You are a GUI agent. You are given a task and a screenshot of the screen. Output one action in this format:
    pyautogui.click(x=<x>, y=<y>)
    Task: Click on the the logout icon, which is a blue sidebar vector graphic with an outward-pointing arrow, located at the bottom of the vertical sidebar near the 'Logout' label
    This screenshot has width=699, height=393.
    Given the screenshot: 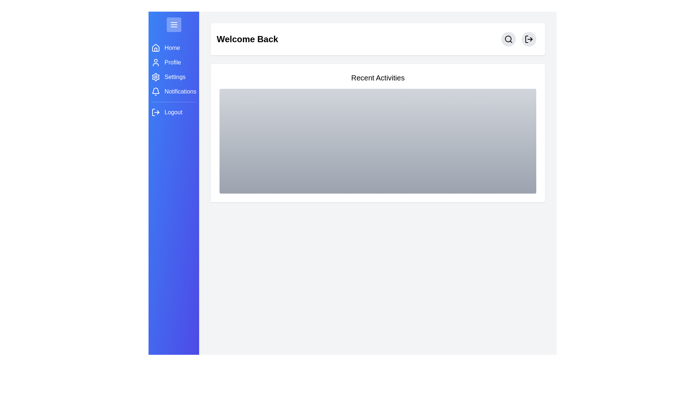 What is the action you would take?
    pyautogui.click(x=155, y=112)
    